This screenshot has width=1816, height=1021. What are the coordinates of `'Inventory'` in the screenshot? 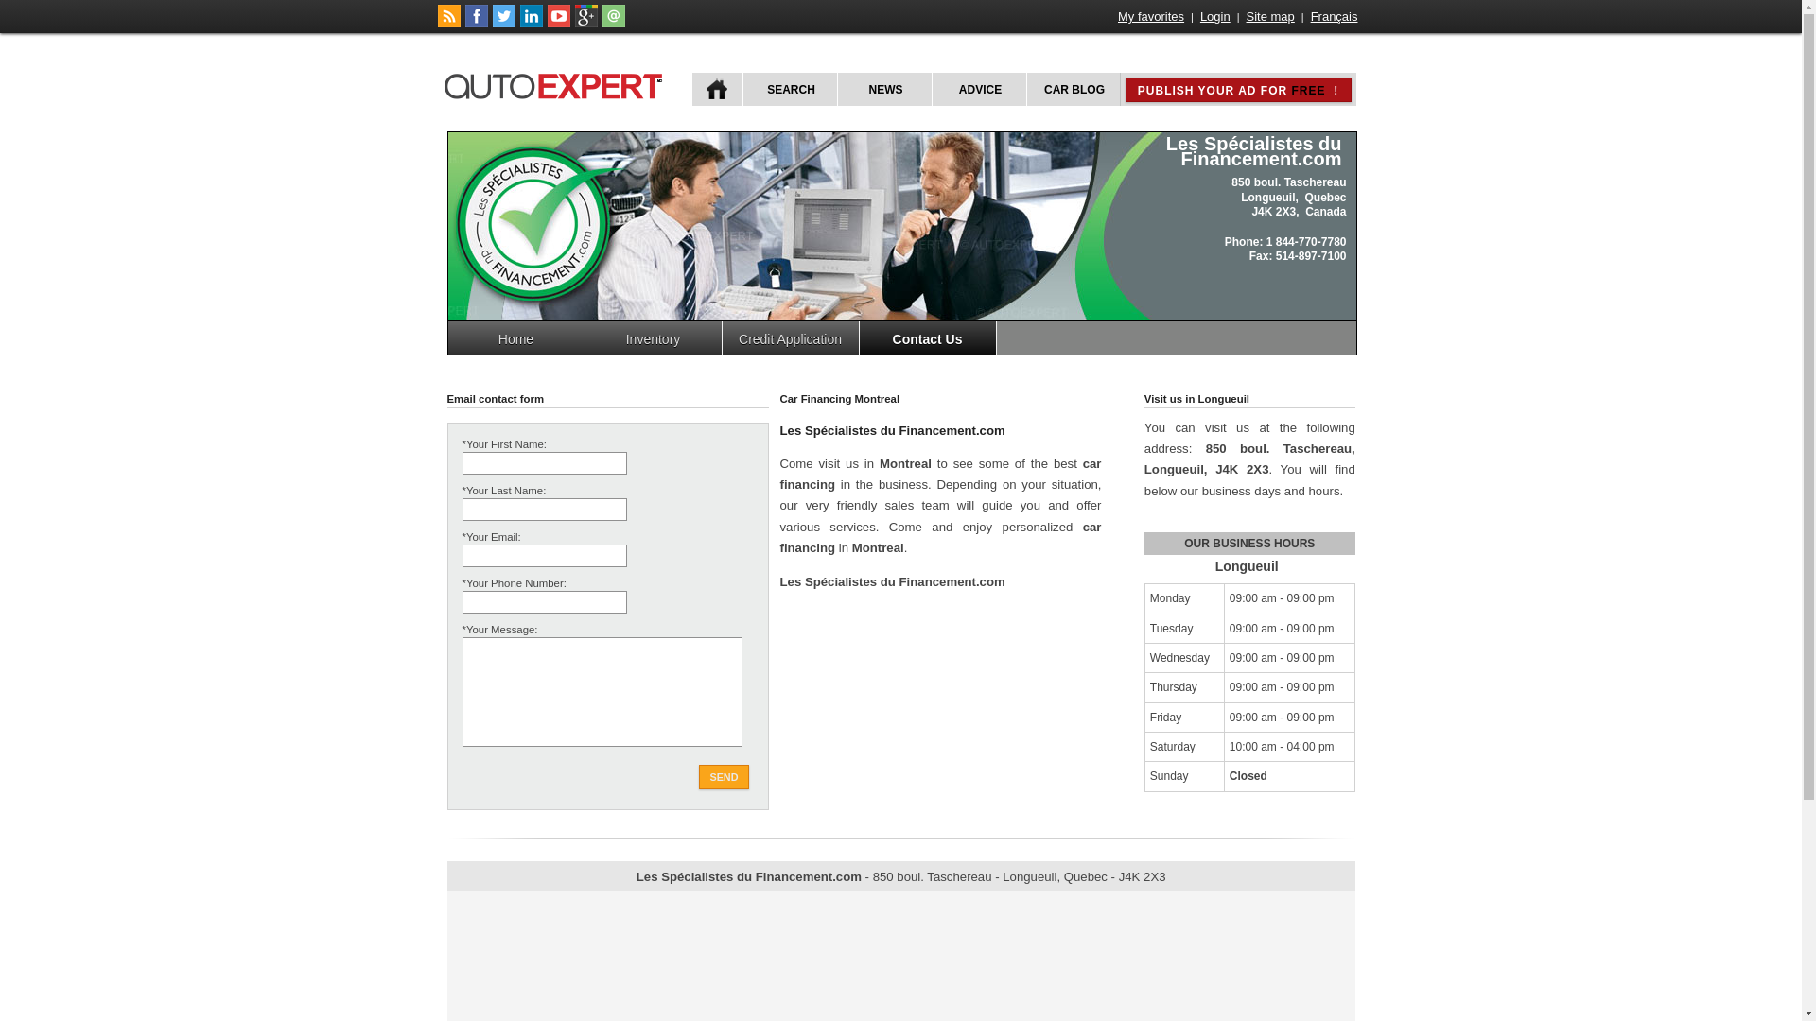 It's located at (653, 337).